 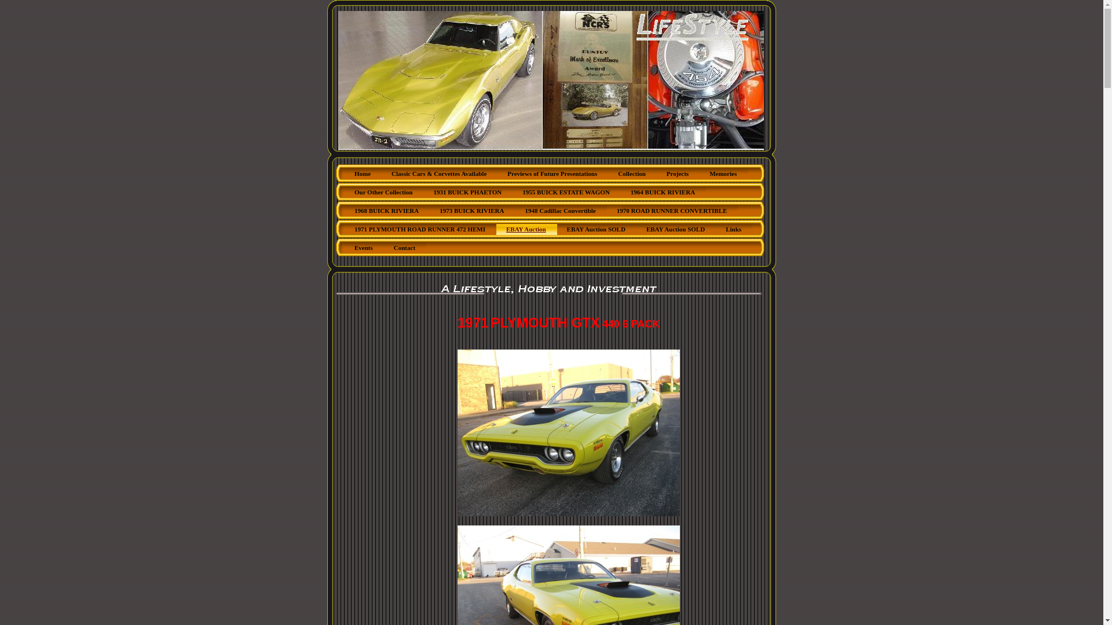 What do you see at coordinates (387, 211) in the screenshot?
I see `'1968 BUICK RIVIERA'` at bounding box center [387, 211].